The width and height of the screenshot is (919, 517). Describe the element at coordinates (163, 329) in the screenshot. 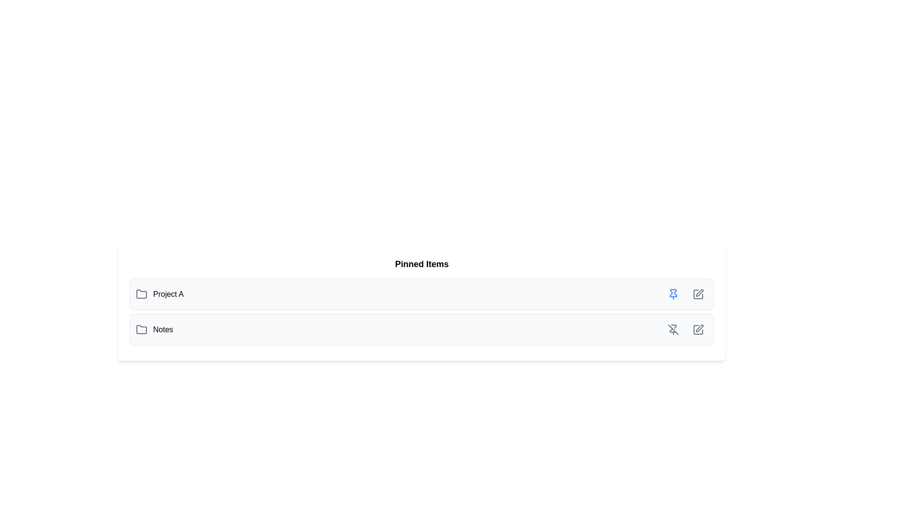

I see `text label 'Notes' located in the second row of the list under 'Pinned Items', aligned to the right of the folder icon` at that location.